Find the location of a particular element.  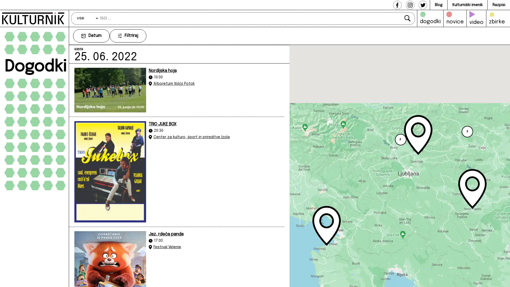

Datum is located at coordinates (91, 36).